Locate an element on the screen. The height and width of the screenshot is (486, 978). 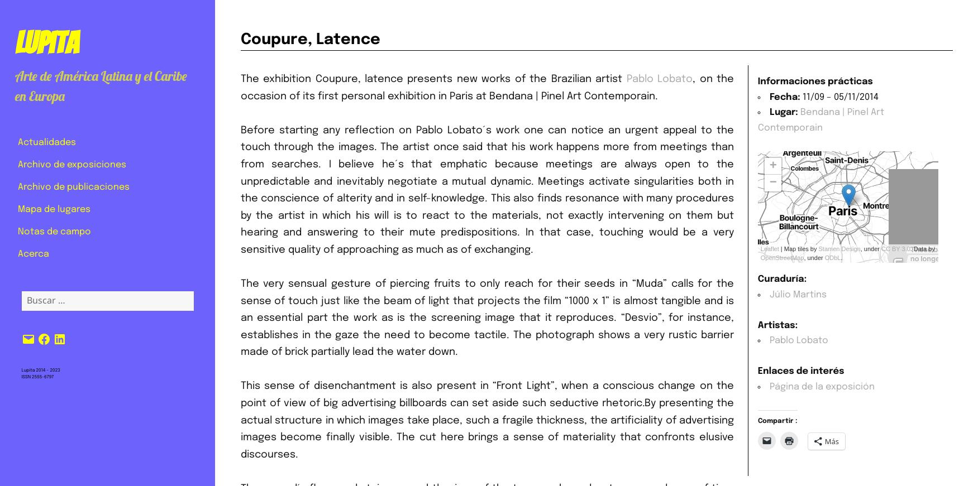
'The very sensual gesture of piercing fruits to only reach for their seeds in “Muda” calls for the sense of touch just like the beam of light that projects the film “1000 x 1” is almost tangible and is an essential part the work as is the screening image that it reproduces. “Desvio”, for instance, establishes in the gaze the need to become tactile. The photograph shows a very rustic barrier made of brick partially lead the water down.' is located at coordinates (486, 317).